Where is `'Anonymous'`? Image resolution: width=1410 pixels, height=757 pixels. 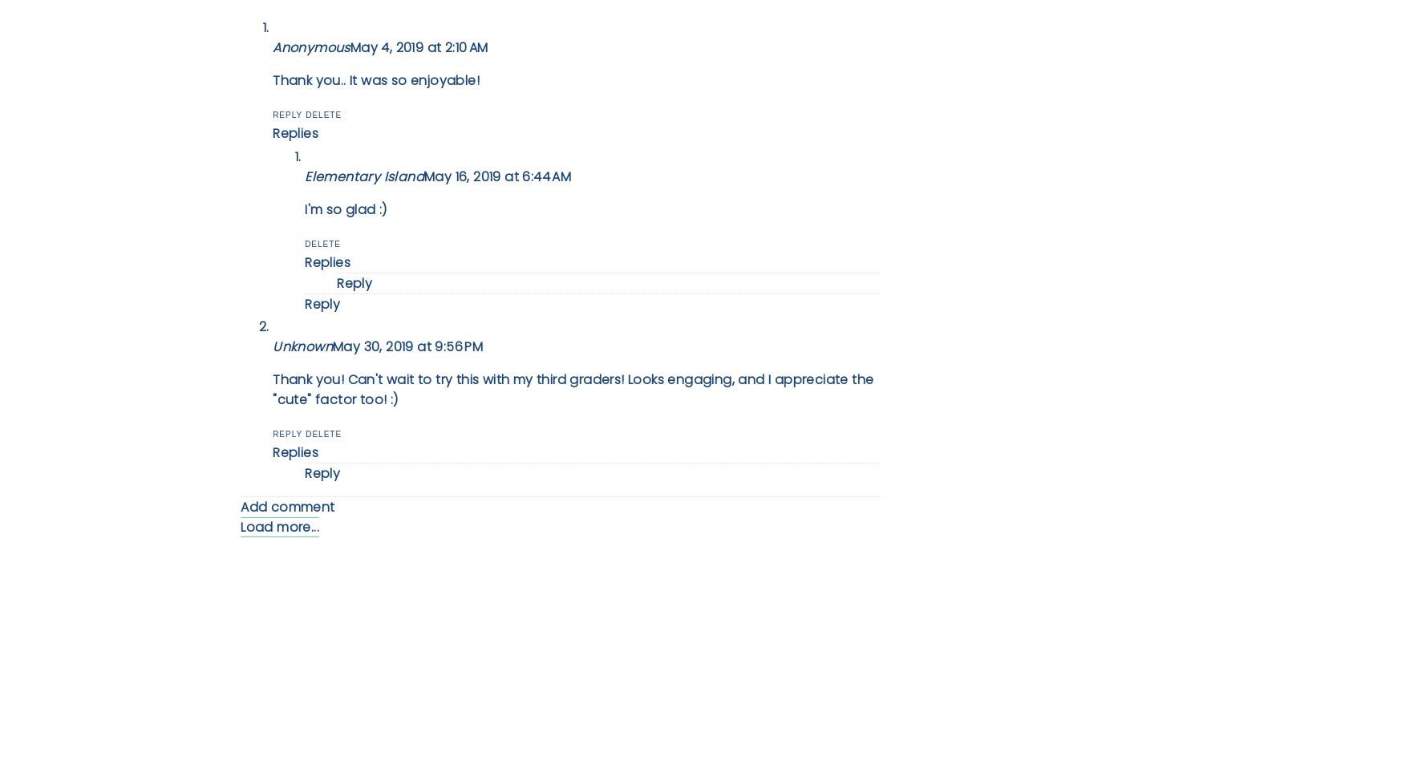 'Anonymous' is located at coordinates (310, 47).